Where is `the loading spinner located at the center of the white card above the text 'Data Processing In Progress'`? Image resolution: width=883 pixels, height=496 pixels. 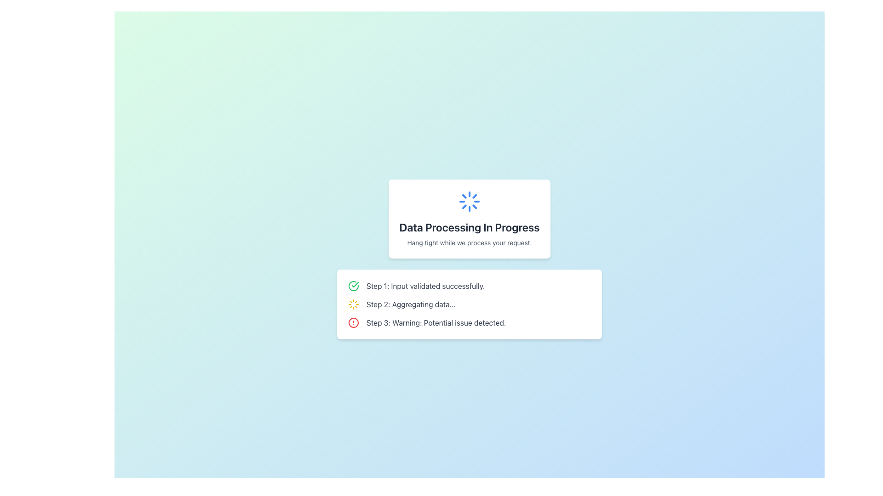 the loading spinner located at the center of the white card above the text 'Data Processing In Progress' is located at coordinates (470, 201).